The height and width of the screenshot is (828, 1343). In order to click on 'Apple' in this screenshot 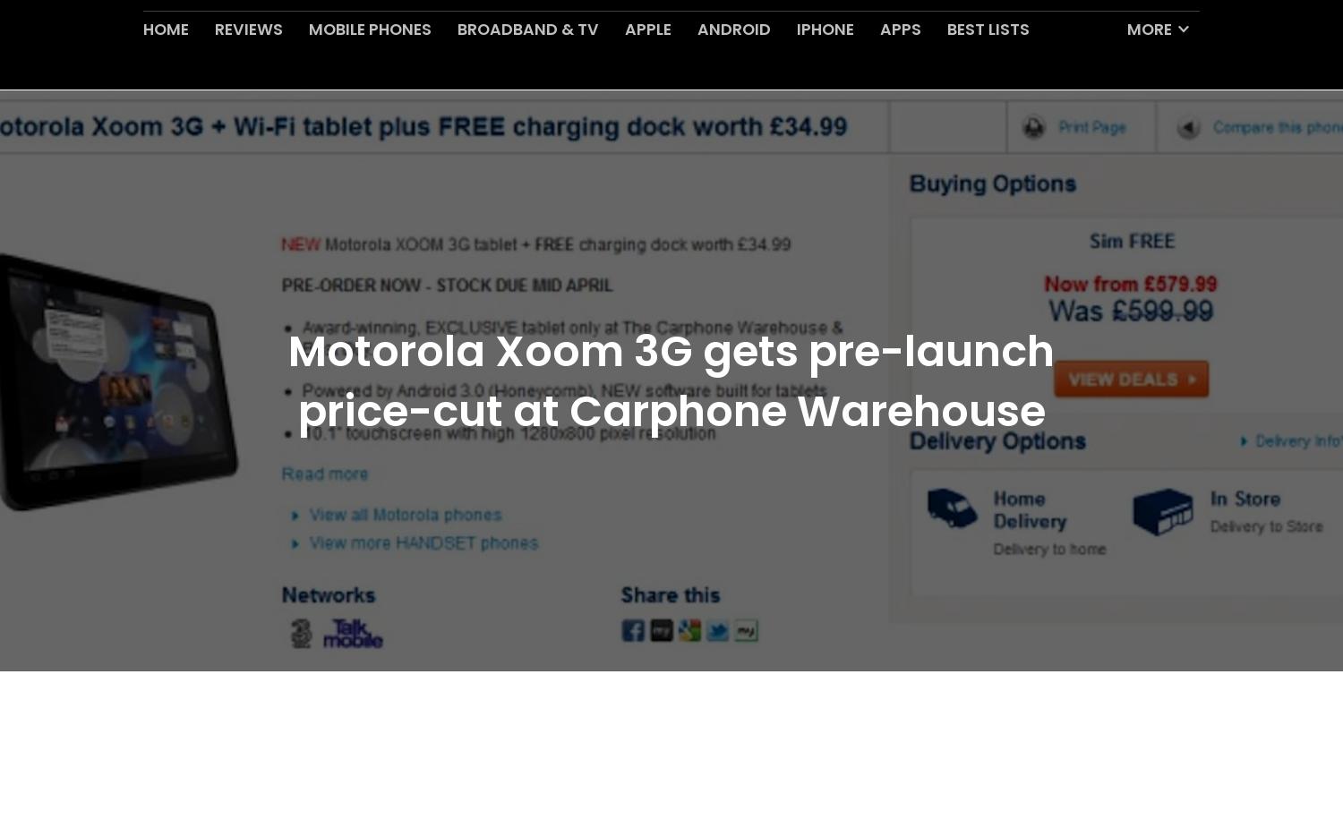, I will do `click(647, 71)`.